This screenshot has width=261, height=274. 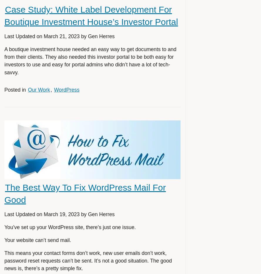 What do you see at coordinates (4, 193) in the screenshot?
I see `'The Best Way to Fix WordPress Mail for Good'` at bounding box center [4, 193].